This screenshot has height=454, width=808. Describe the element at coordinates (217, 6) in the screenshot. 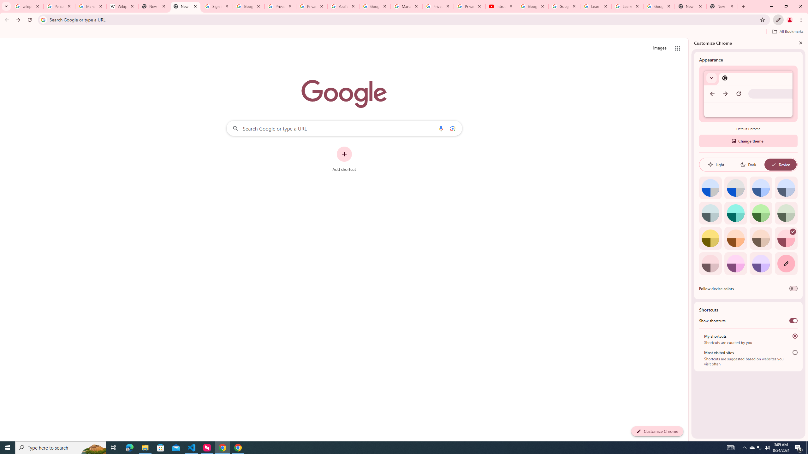

I see `'Sign in - Google Accounts'` at that location.